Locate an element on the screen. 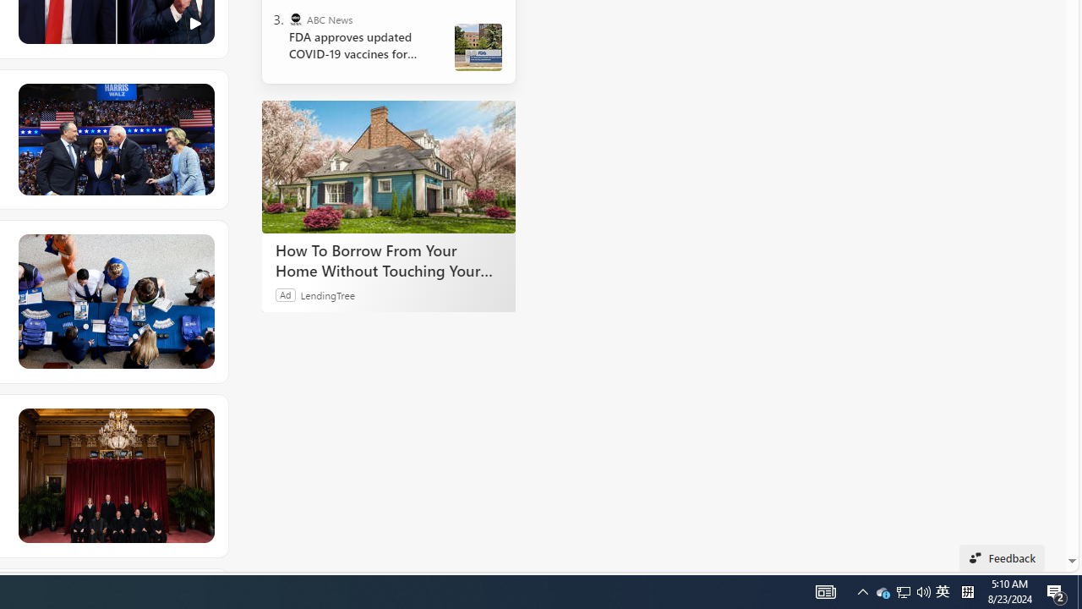 The image size is (1082, 609). 'ABC News' is located at coordinates (296, 19).